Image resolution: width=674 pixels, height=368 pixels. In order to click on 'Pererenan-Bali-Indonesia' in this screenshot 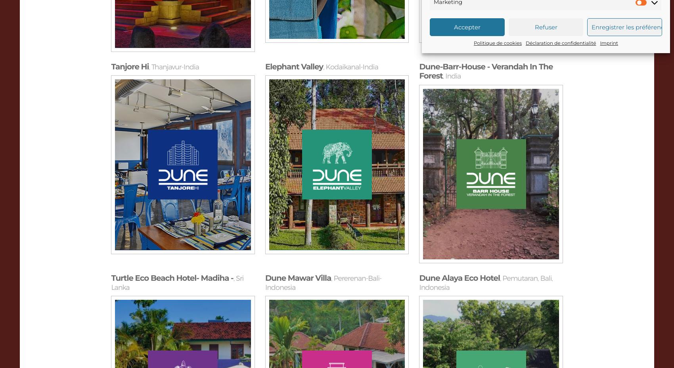, I will do `click(322, 283)`.